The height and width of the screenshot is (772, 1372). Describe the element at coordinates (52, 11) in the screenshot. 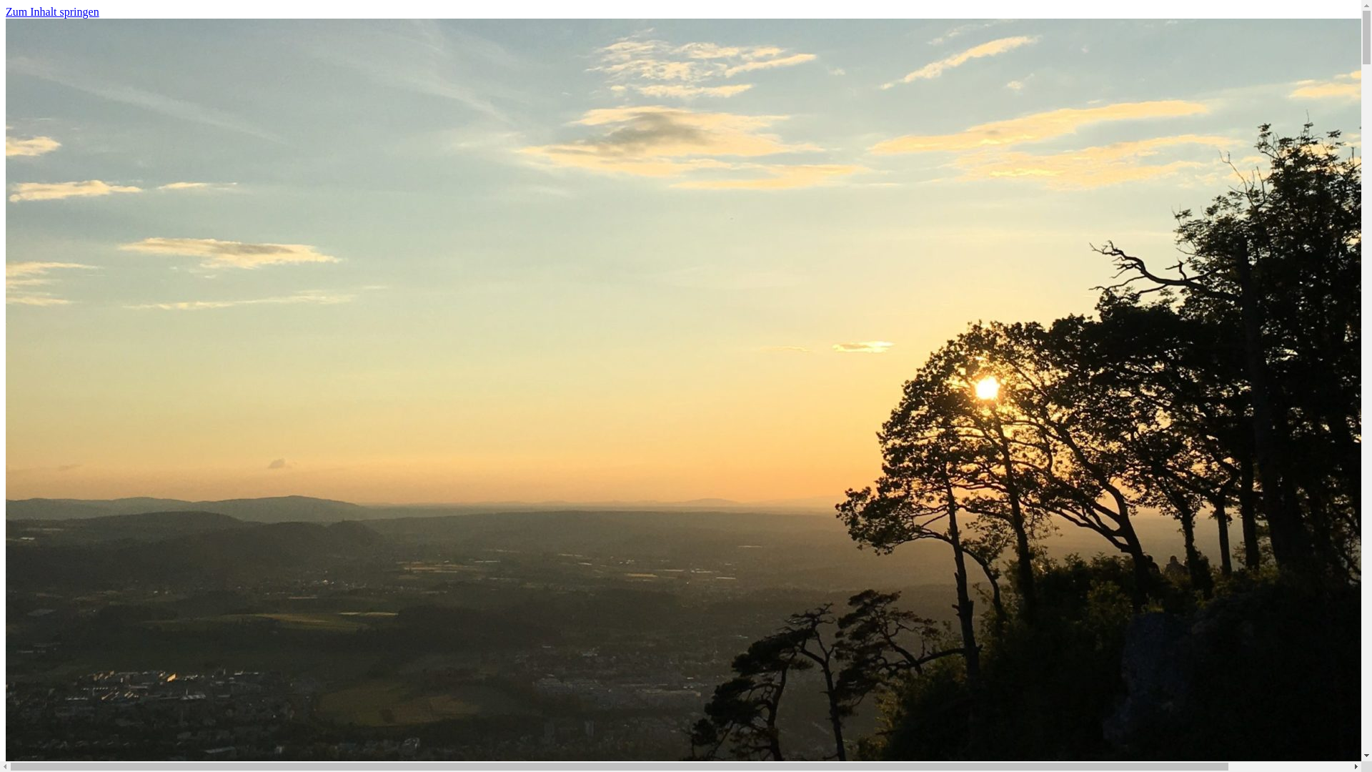

I see `'Zum Inhalt springen'` at that location.